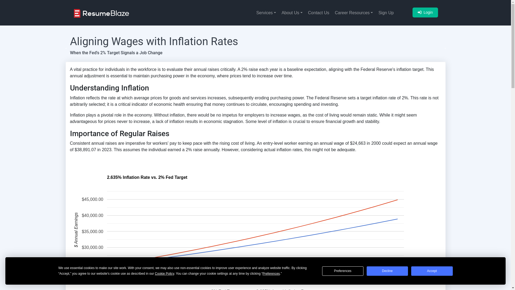 This screenshot has height=290, width=515. Describe the element at coordinates (316, 12) in the screenshot. I see `'Contact Us'` at that location.